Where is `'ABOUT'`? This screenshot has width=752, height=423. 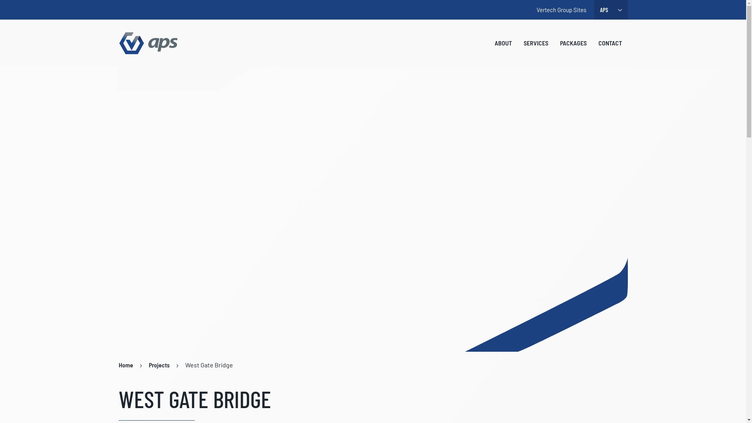 'ABOUT' is located at coordinates (488, 43).